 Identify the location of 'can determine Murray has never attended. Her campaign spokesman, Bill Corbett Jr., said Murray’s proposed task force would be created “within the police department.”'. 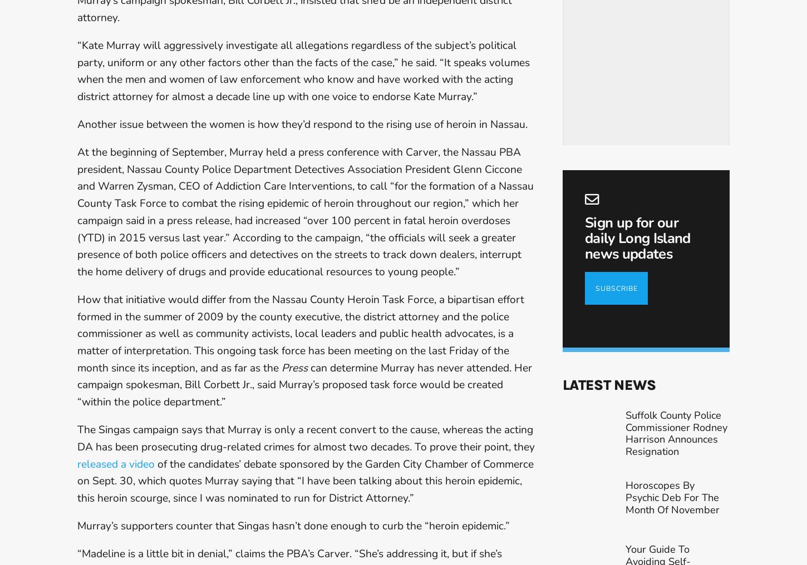
(77, 384).